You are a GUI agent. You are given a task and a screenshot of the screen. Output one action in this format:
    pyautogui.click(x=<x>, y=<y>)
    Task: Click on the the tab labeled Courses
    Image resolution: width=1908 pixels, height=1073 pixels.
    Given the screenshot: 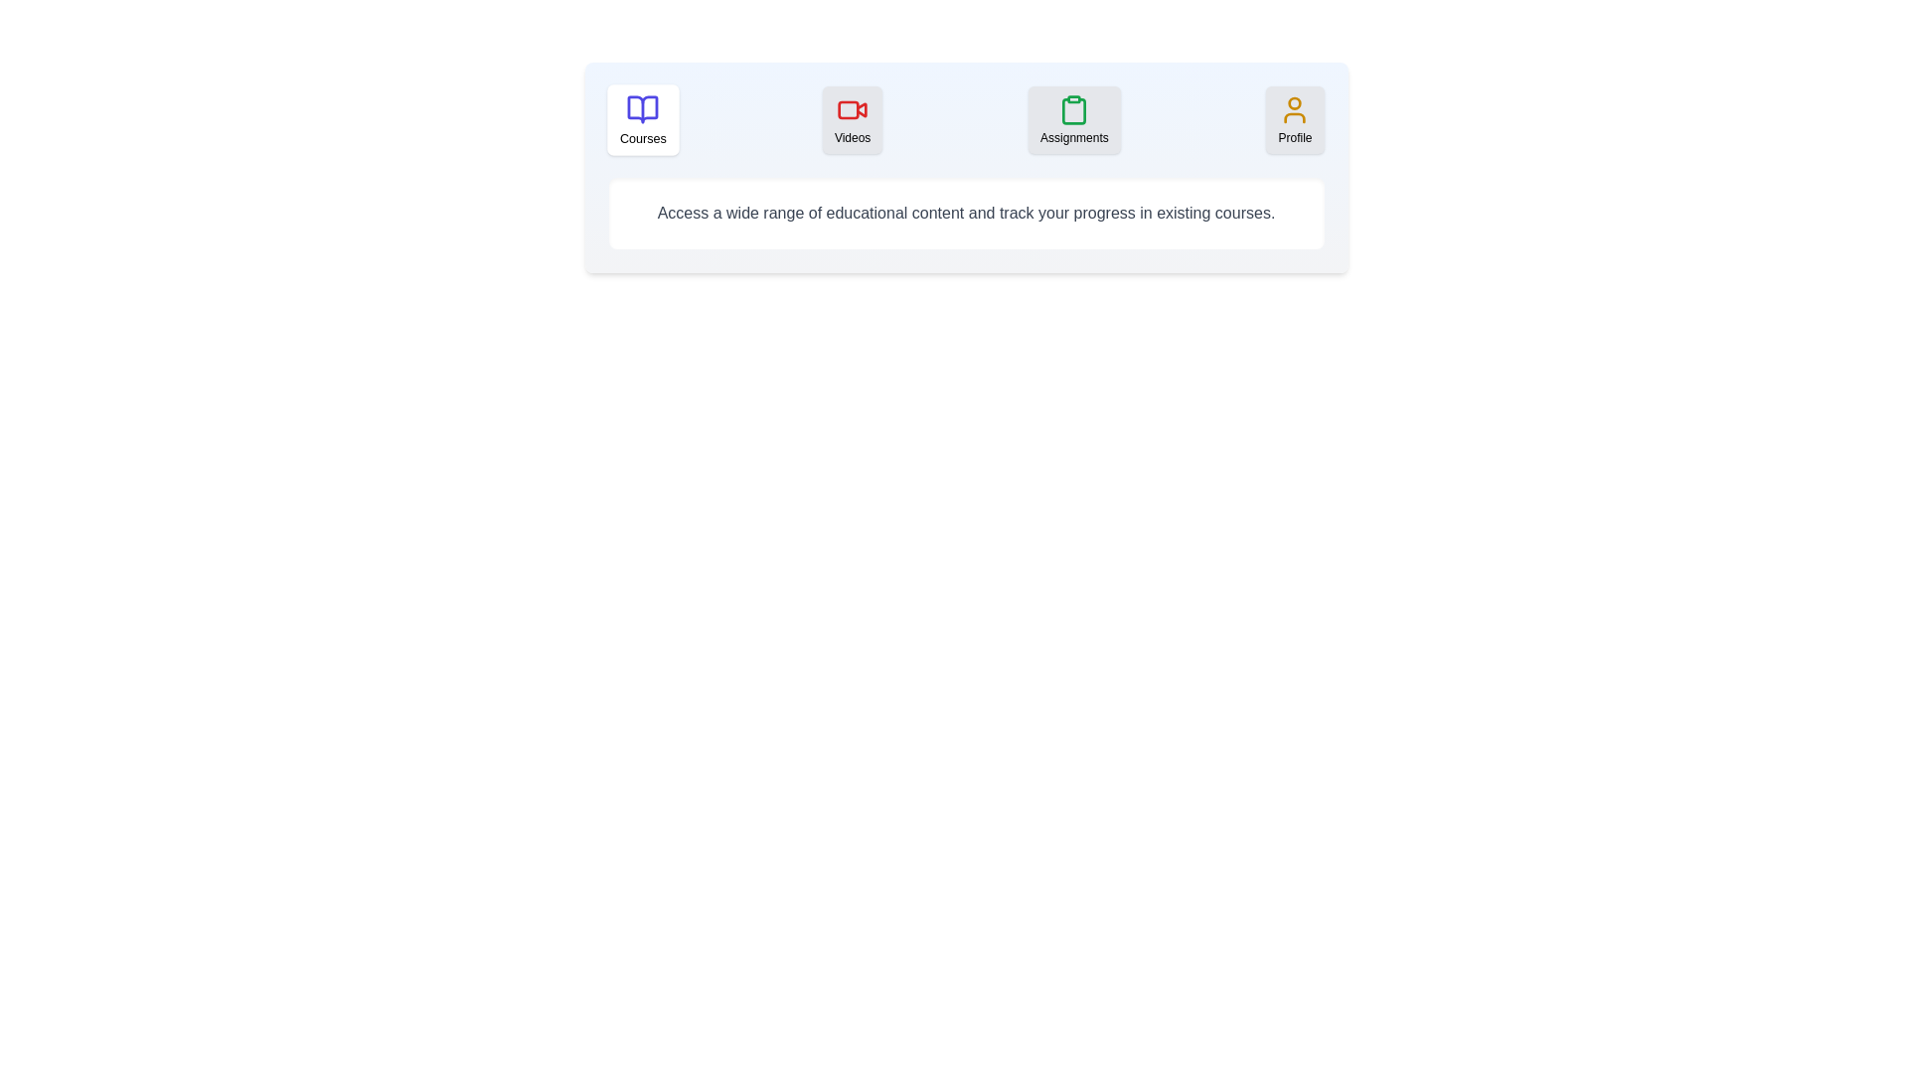 What is the action you would take?
    pyautogui.click(x=642, y=119)
    